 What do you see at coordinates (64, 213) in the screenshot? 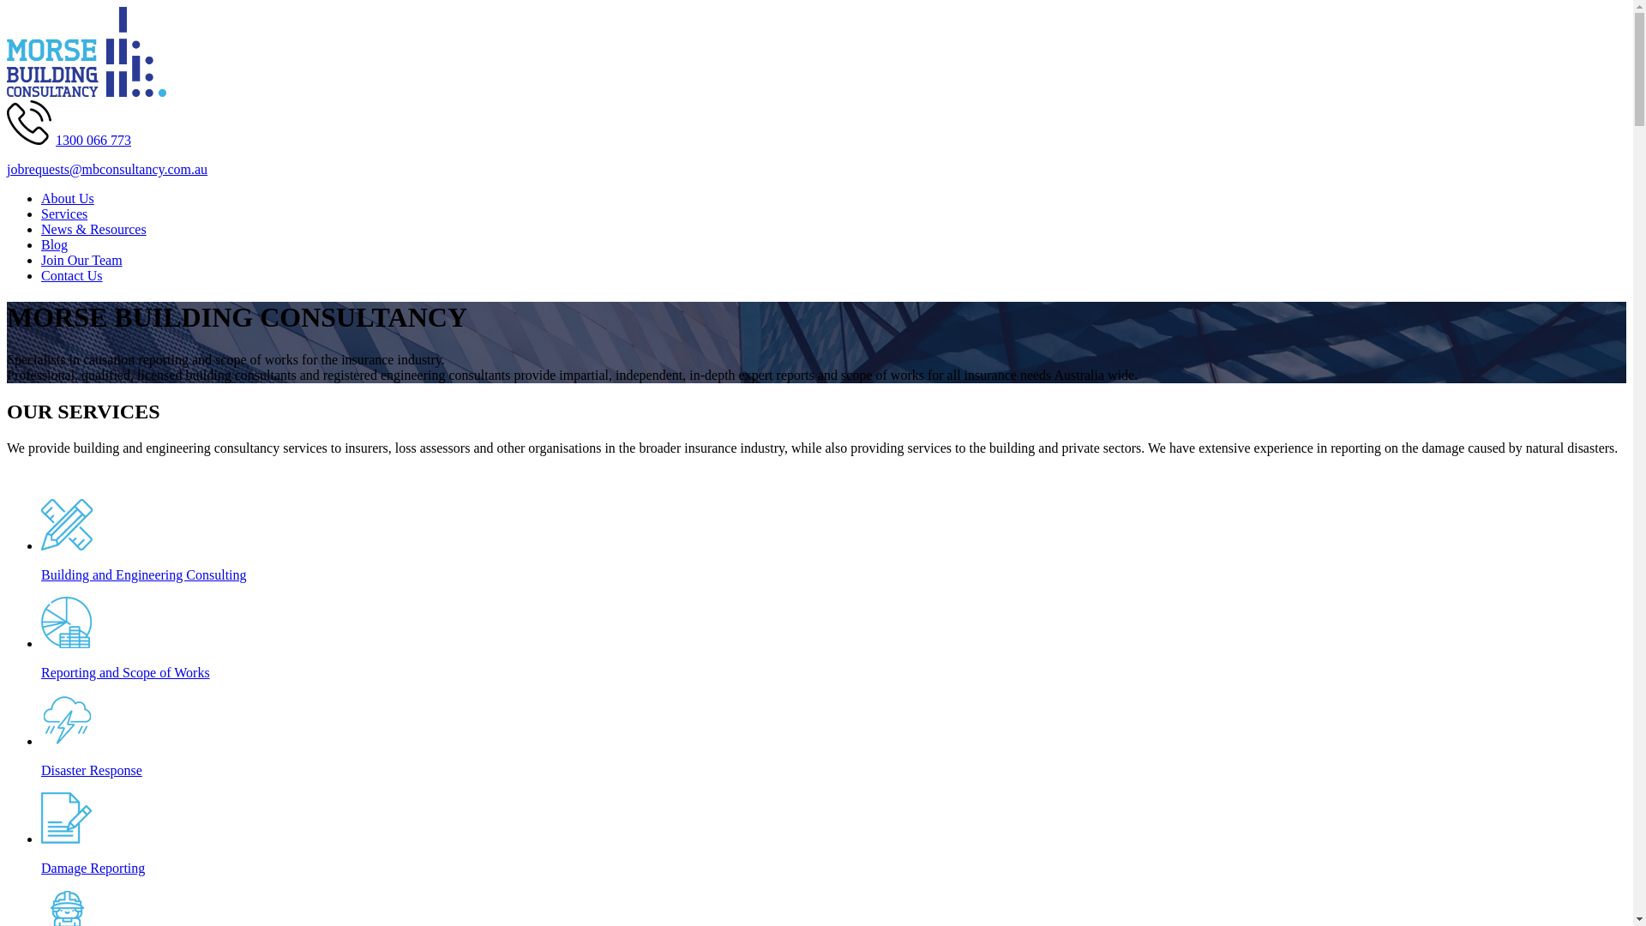
I see `'Services'` at bounding box center [64, 213].